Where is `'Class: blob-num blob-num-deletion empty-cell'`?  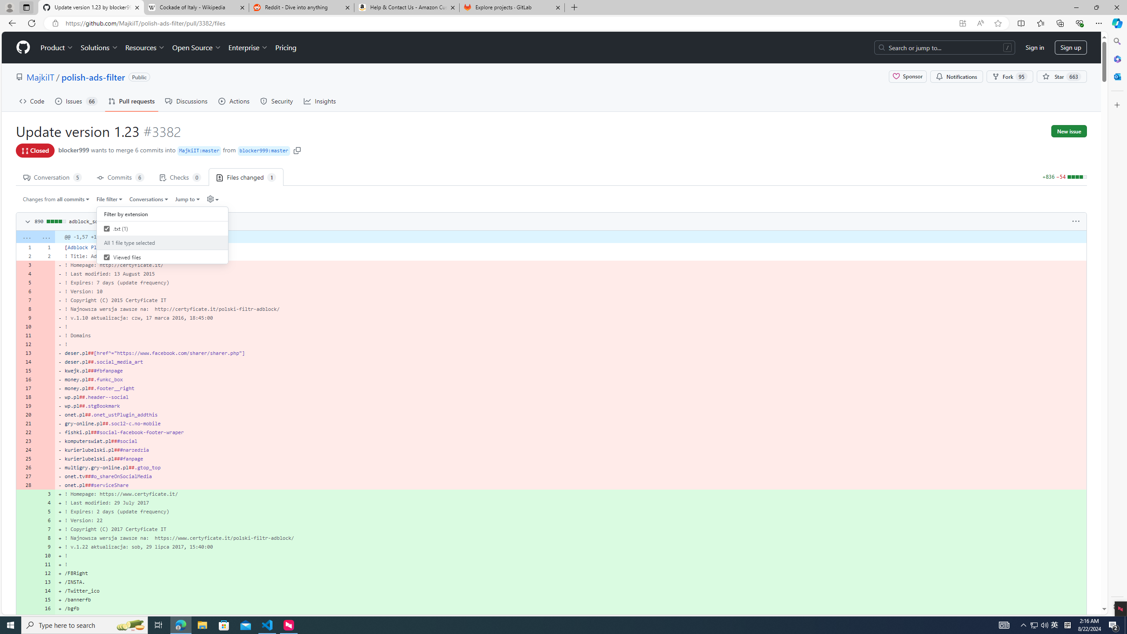
'Class: blob-num blob-num-deletion empty-cell' is located at coordinates (45, 484).